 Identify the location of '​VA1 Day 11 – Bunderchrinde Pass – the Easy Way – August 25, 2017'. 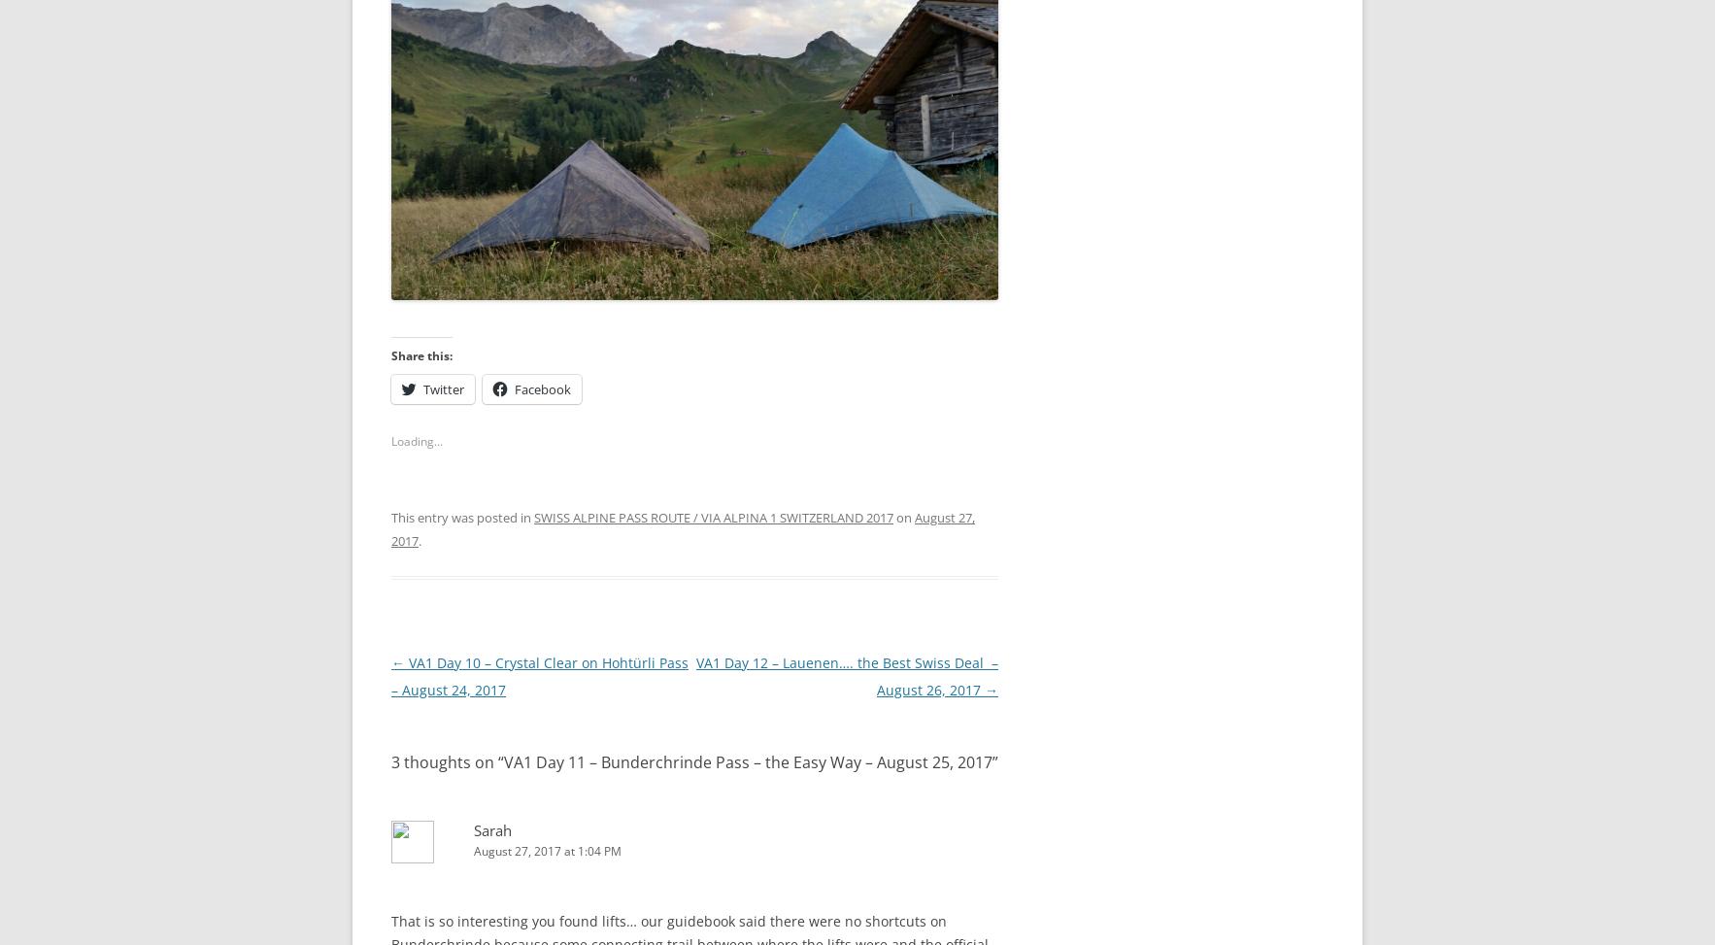
(748, 756).